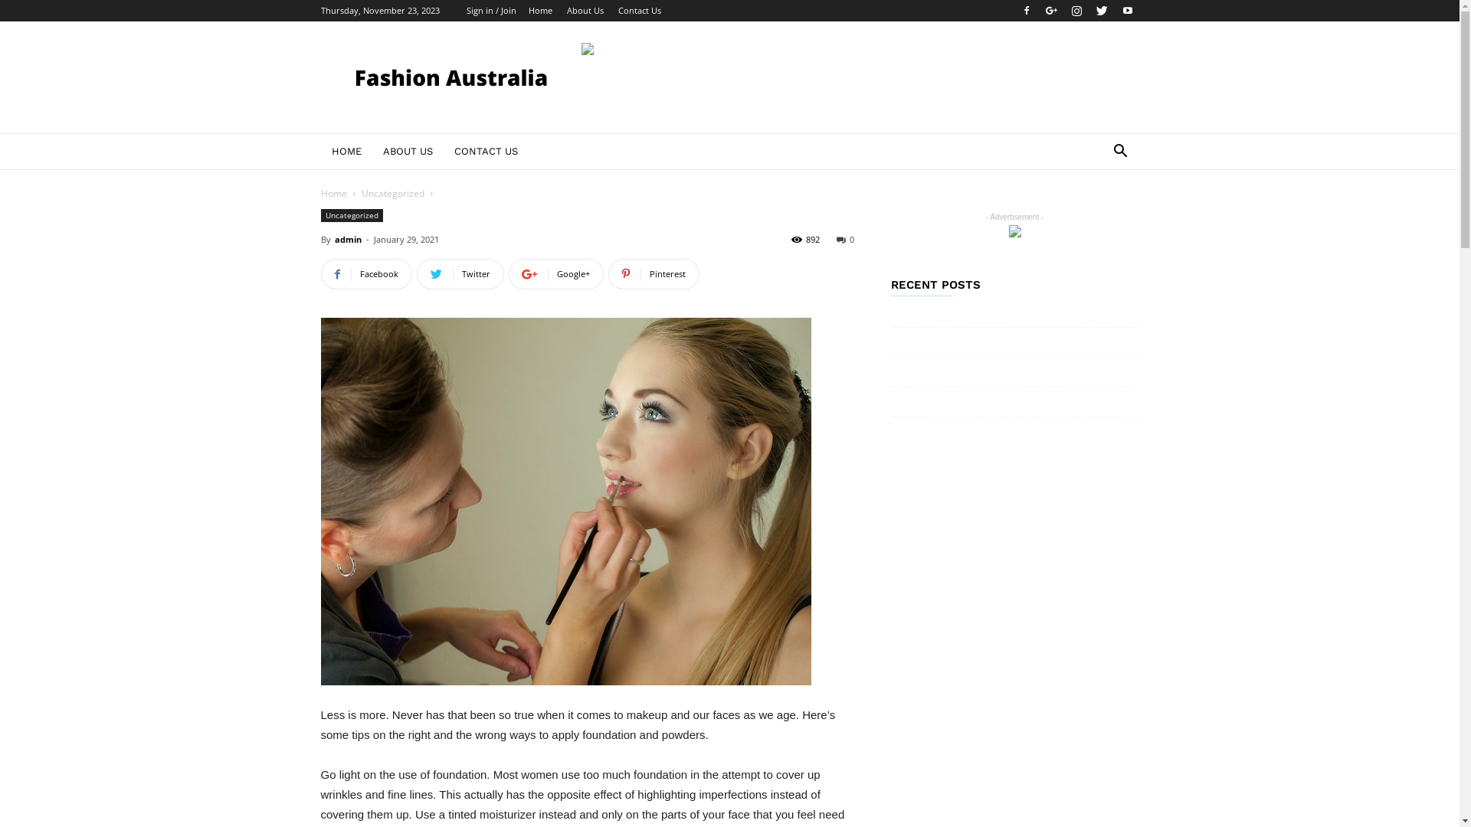 The image size is (1471, 827). I want to click on 'ABOUT US', so click(372, 151).